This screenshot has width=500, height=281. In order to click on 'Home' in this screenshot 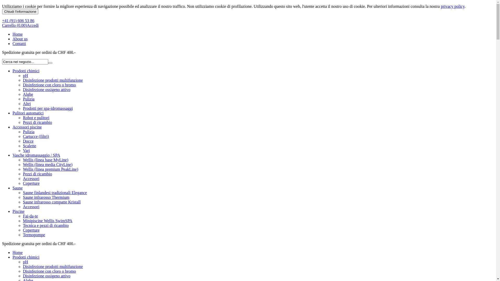, I will do `click(12, 34)`.